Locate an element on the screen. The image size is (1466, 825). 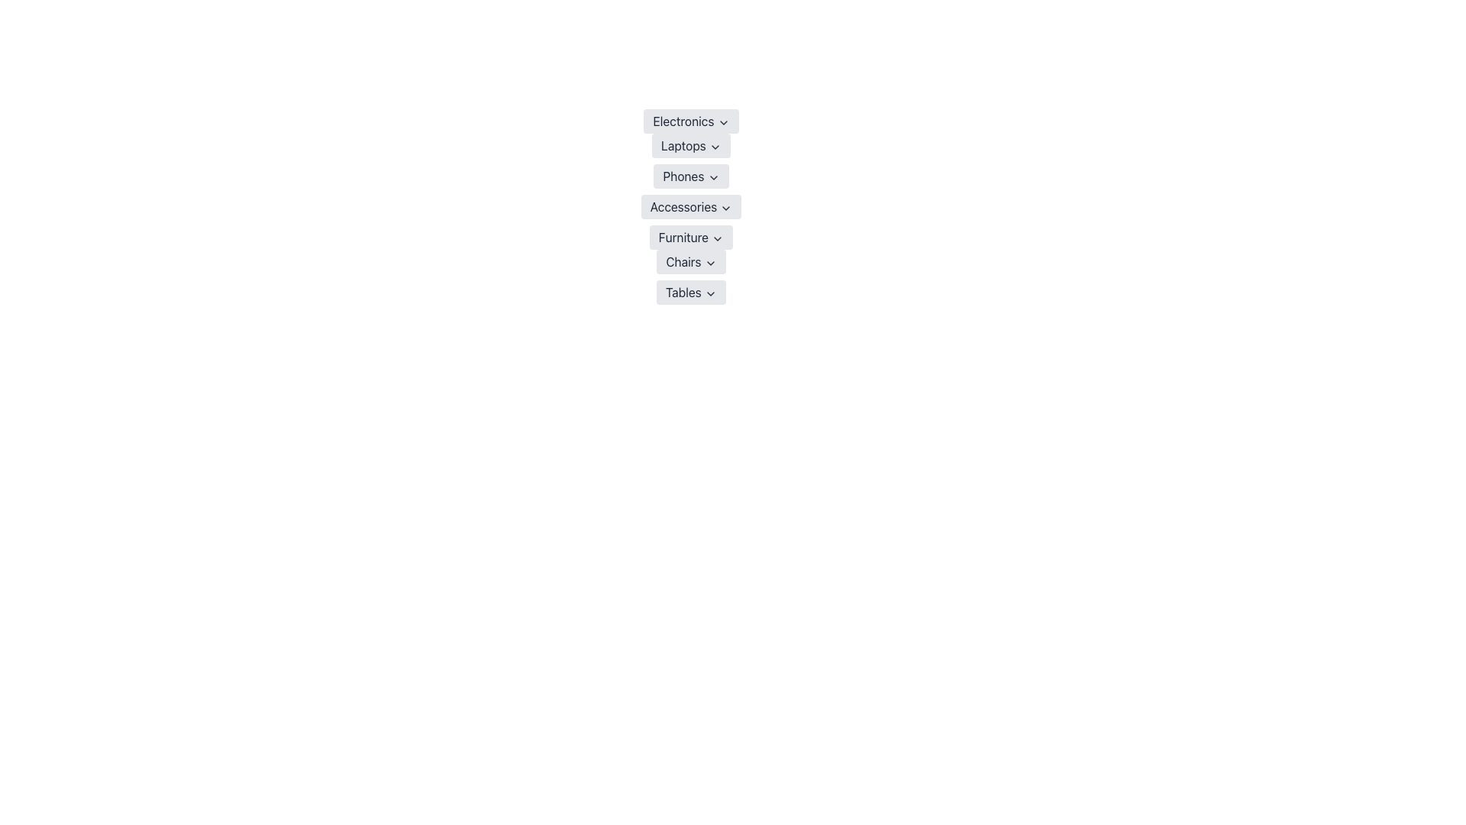
the chevron-down icon located at the right edge of the 'Furniture' button is located at coordinates (717, 238).